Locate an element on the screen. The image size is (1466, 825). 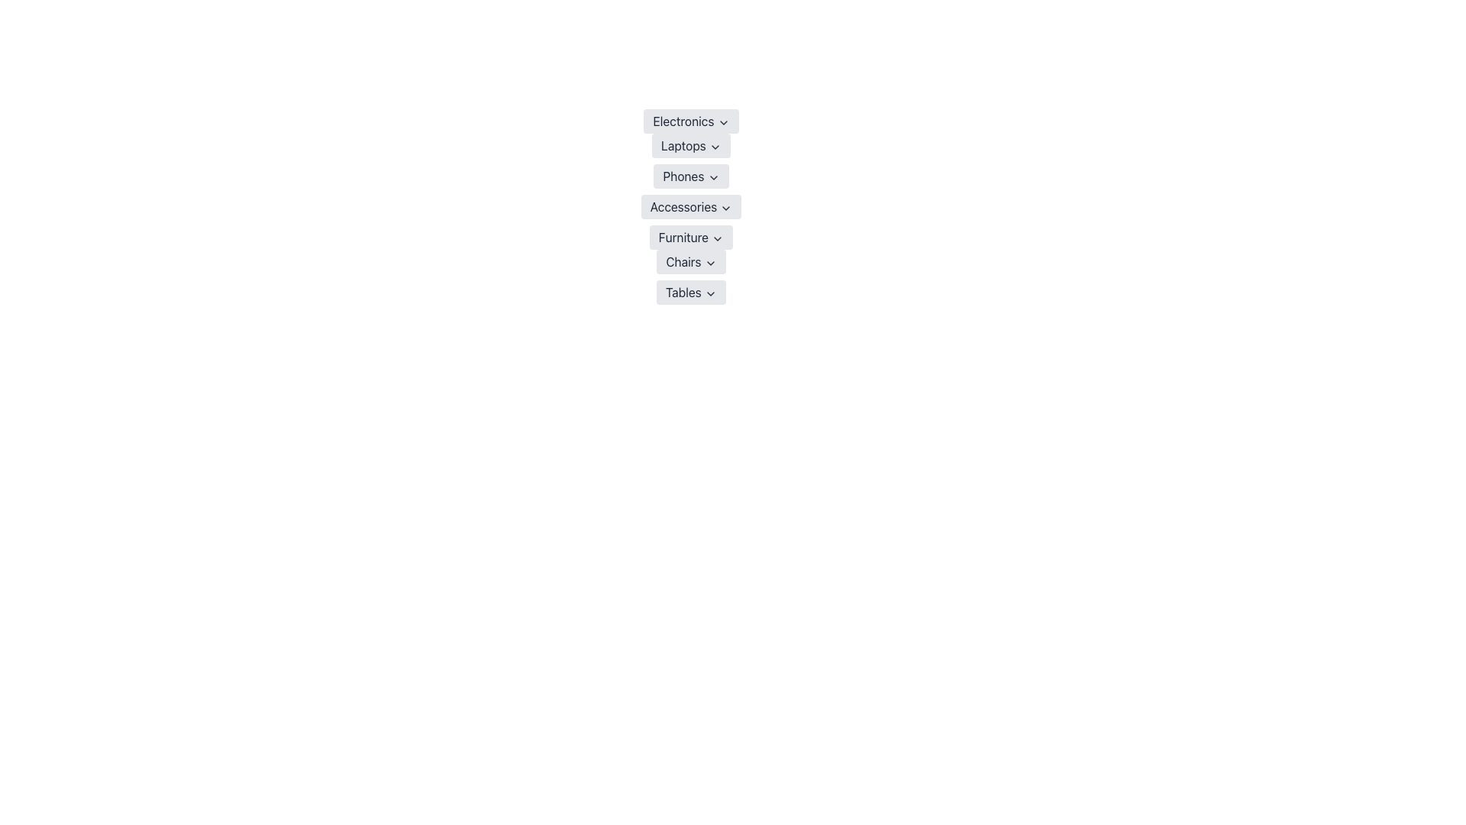
the chevron-down icon located at the right edge of the 'Furniture' button is located at coordinates (717, 238).